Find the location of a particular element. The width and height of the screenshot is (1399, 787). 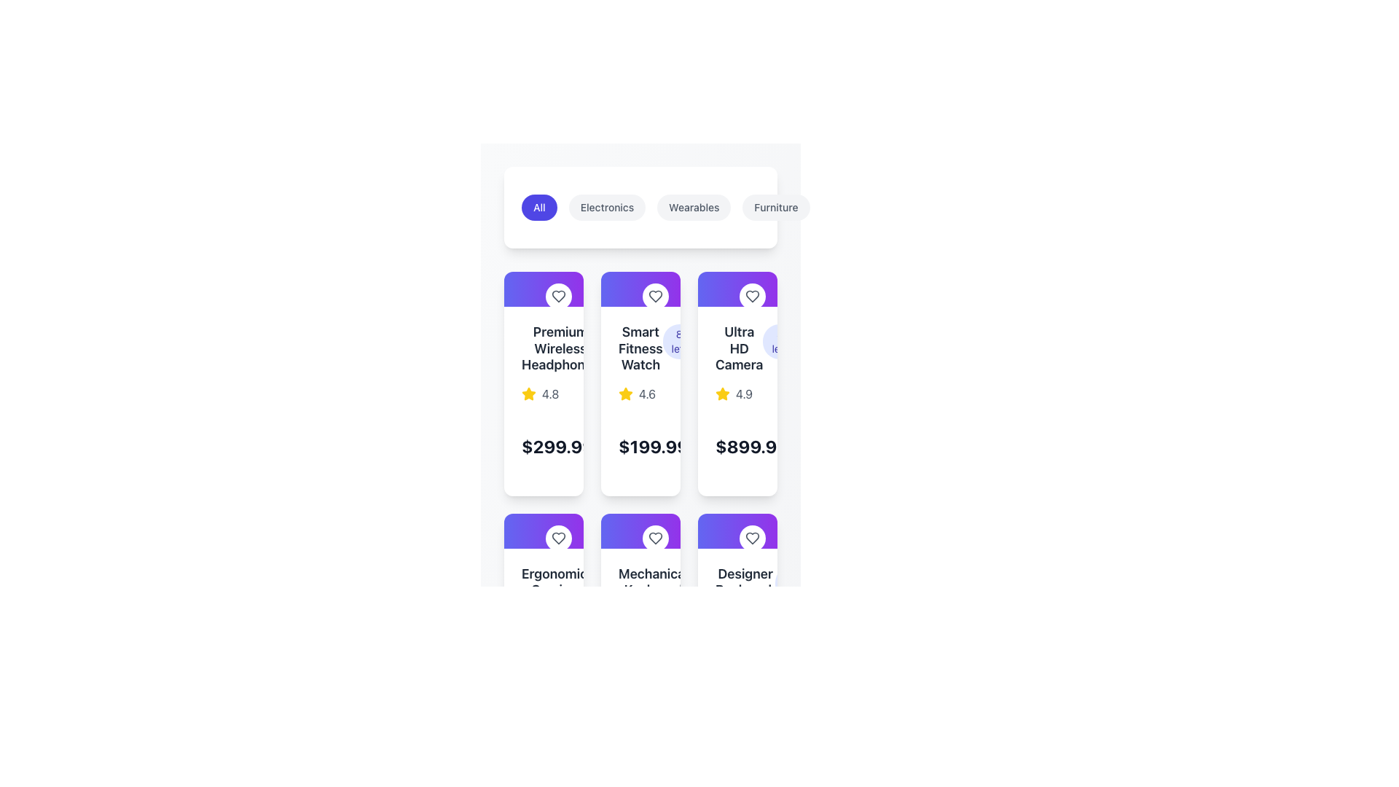

the text display component that shows 'Smart Fitness Watch' and '8 left', located at the top of the second card in the product list is located at coordinates (640, 348).